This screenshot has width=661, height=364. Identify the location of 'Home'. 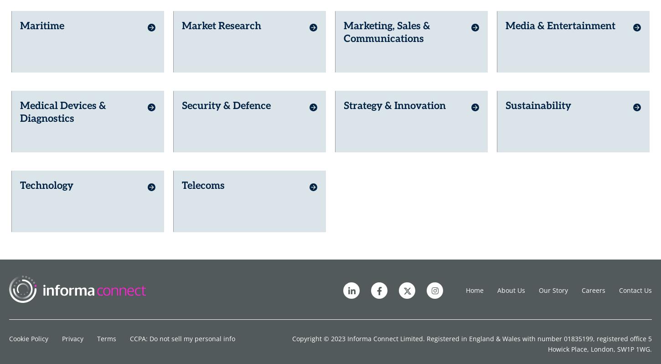
(475, 286).